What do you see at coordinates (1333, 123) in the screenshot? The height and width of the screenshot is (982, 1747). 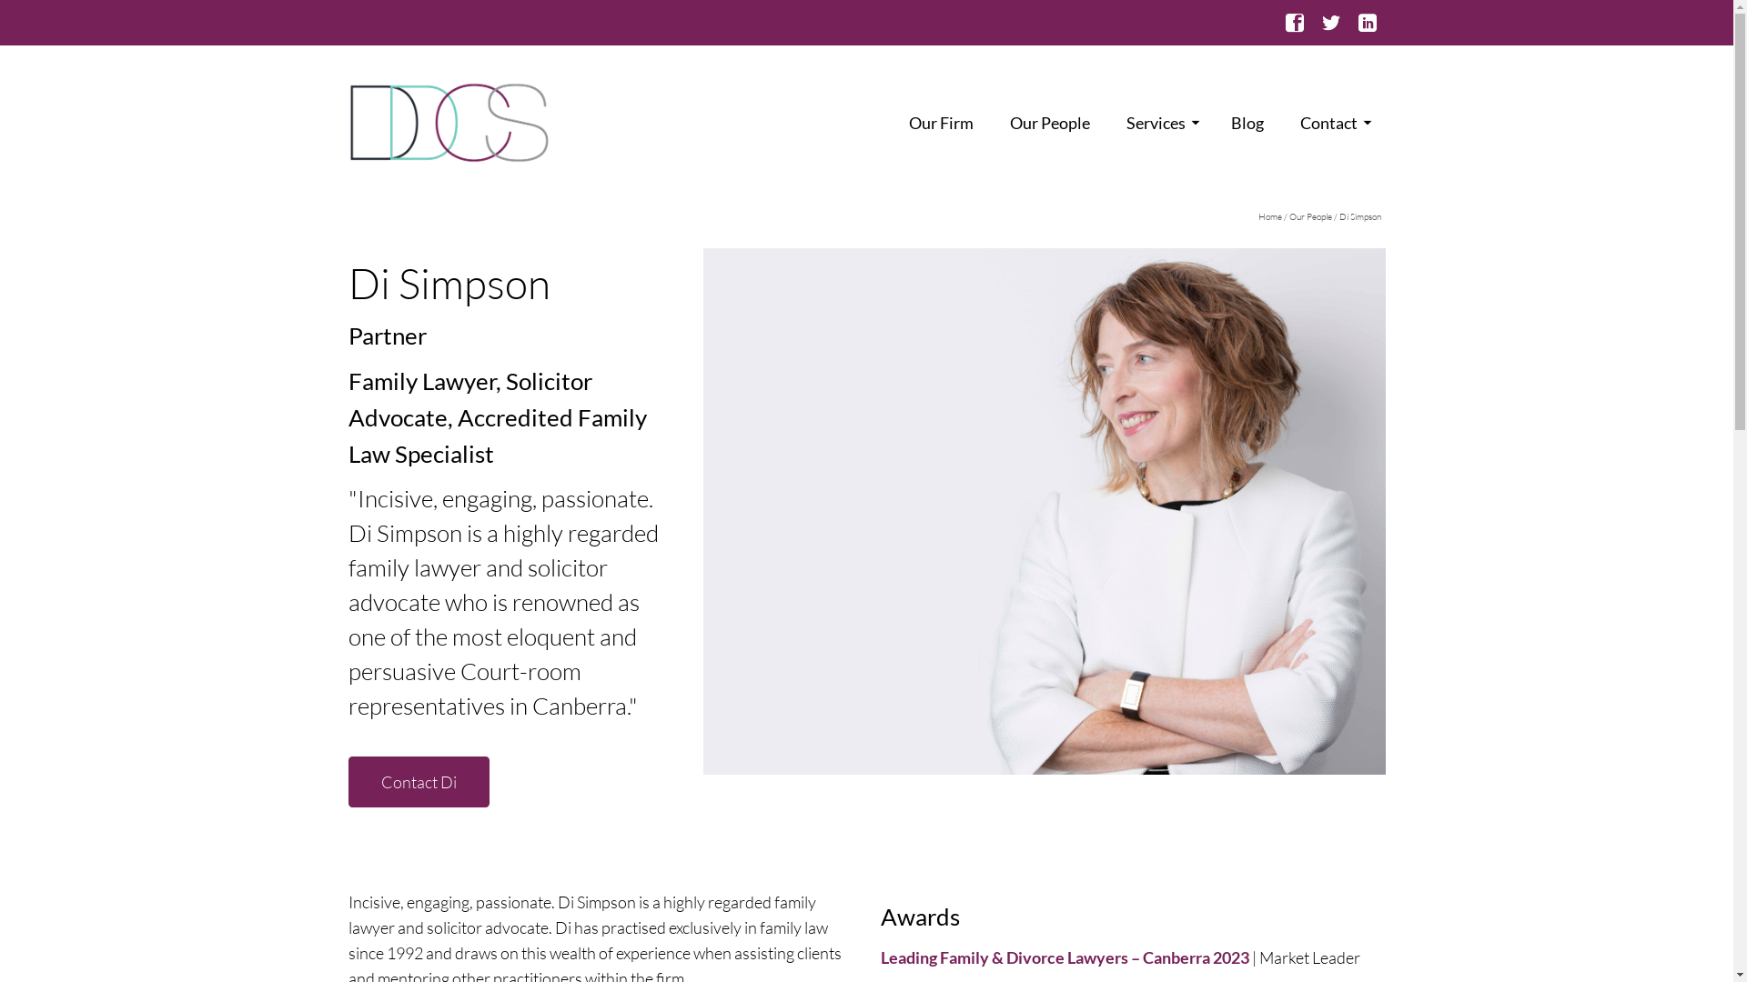 I see `'Contact'` at bounding box center [1333, 123].